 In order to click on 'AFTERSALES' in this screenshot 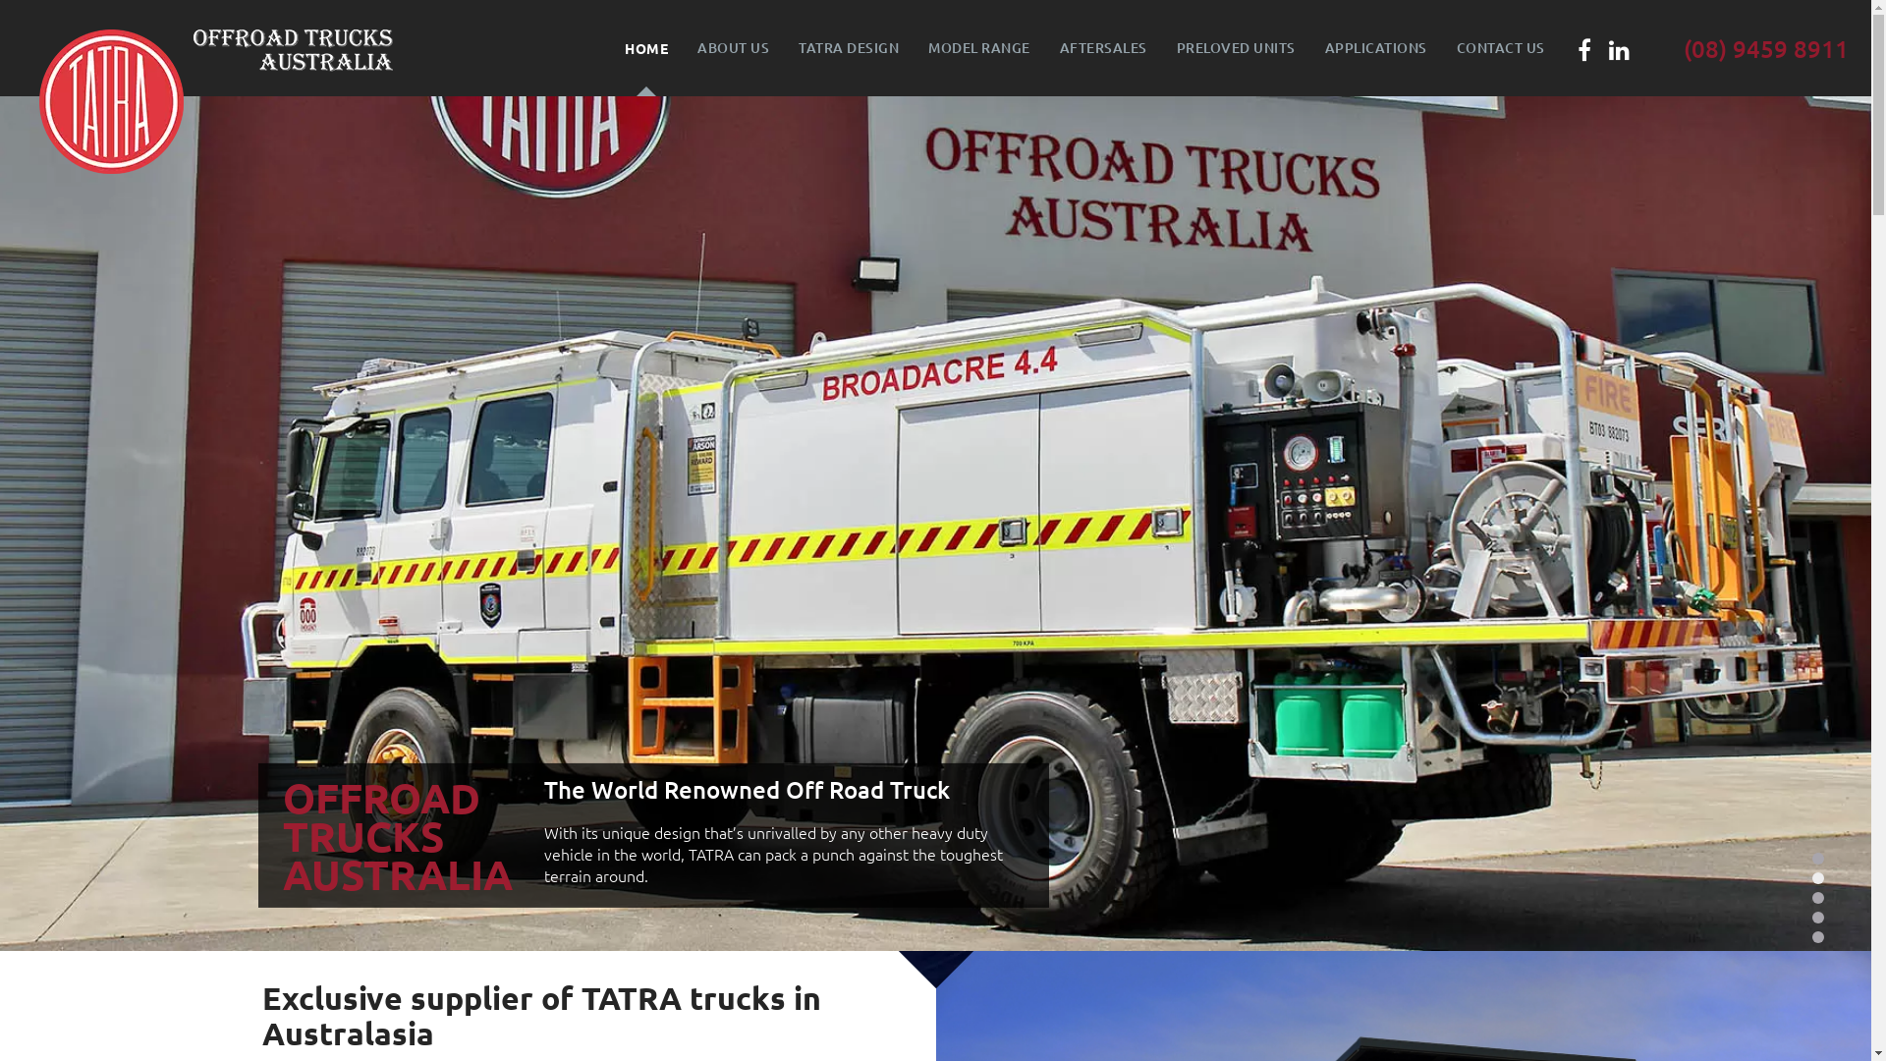, I will do `click(1103, 47)`.